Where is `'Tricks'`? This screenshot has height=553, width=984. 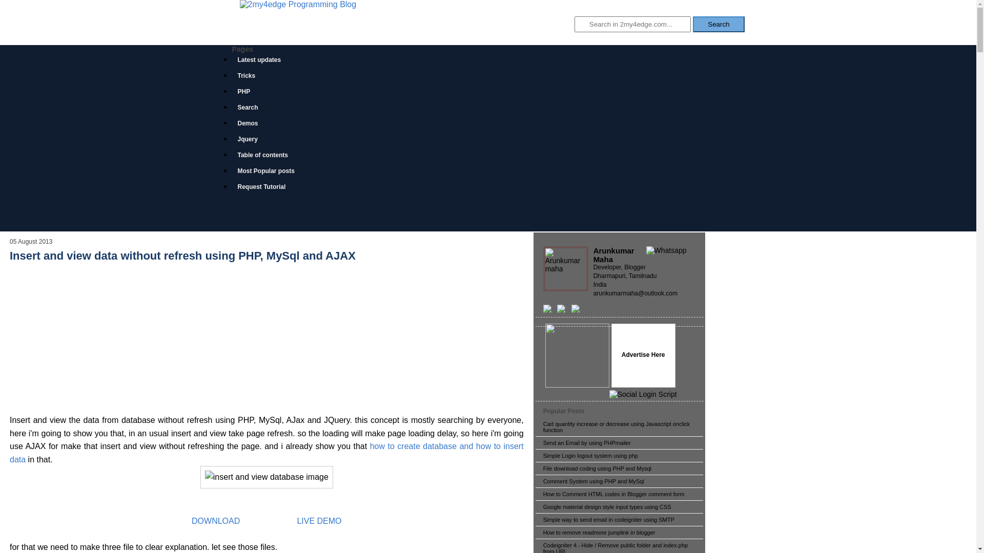
'Tricks' is located at coordinates (231, 76).